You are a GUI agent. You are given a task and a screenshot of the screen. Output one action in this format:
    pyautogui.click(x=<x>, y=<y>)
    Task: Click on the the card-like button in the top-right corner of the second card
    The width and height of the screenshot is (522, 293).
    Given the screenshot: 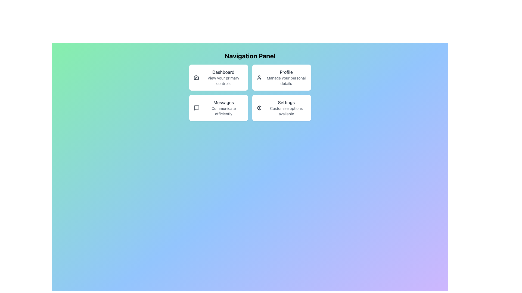 What is the action you would take?
    pyautogui.click(x=281, y=77)
    